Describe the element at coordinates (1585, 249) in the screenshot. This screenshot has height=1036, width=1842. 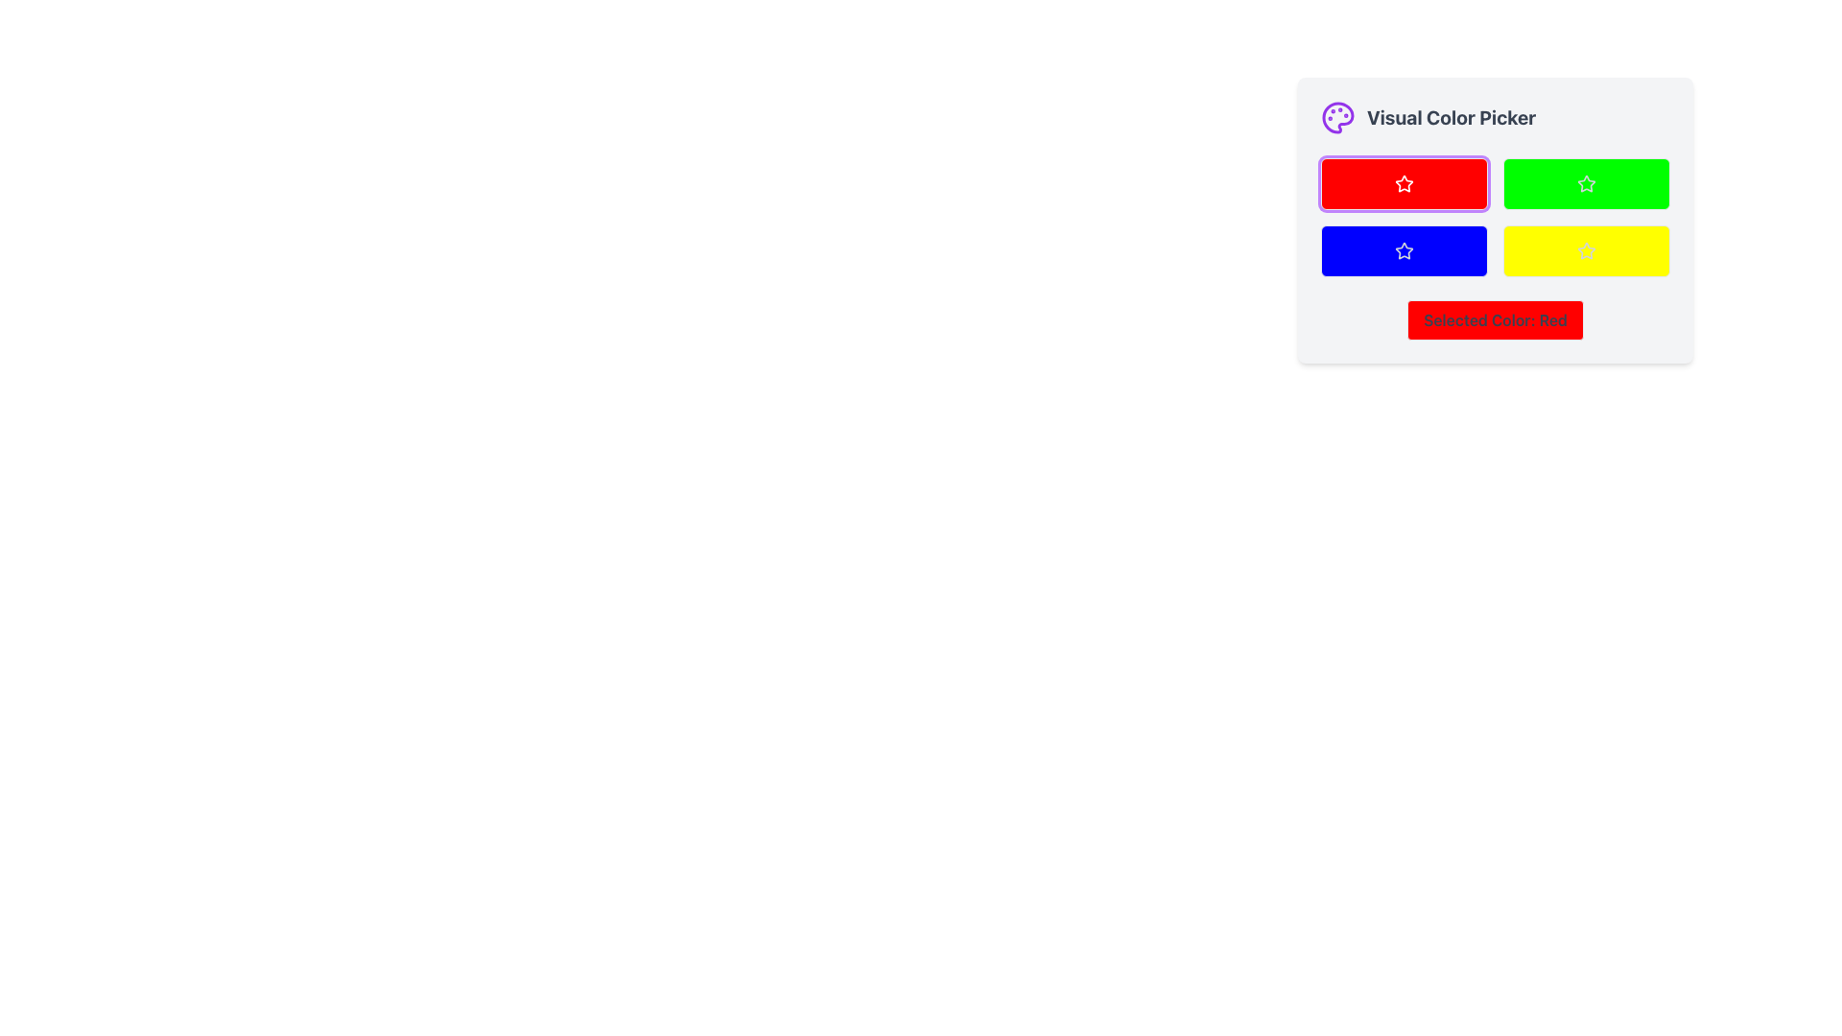
I see `the star icon in the bottom-right yellow button of the 2x2 button grid in the 'Visual Color Picker' section` at that location.